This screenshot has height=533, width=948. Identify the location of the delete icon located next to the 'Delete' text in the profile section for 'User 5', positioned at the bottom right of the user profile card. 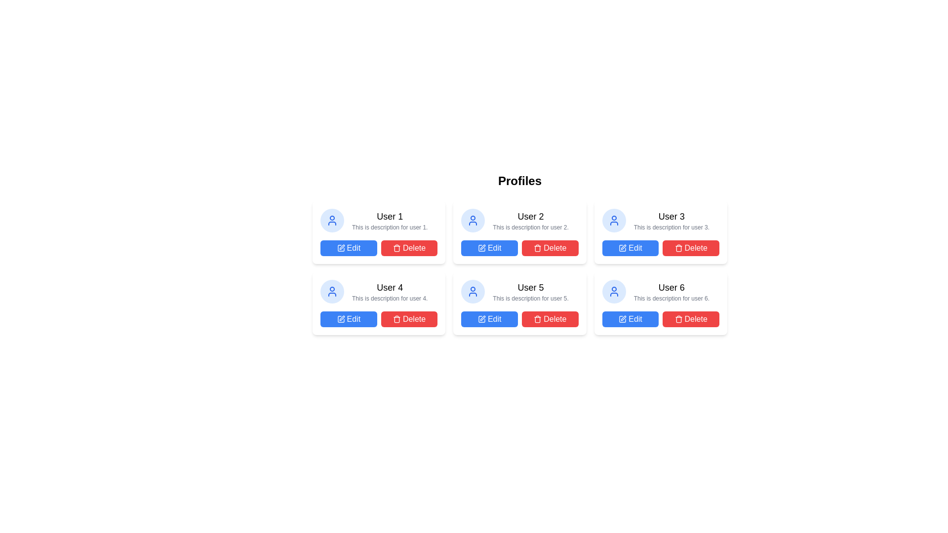
(537, 247).